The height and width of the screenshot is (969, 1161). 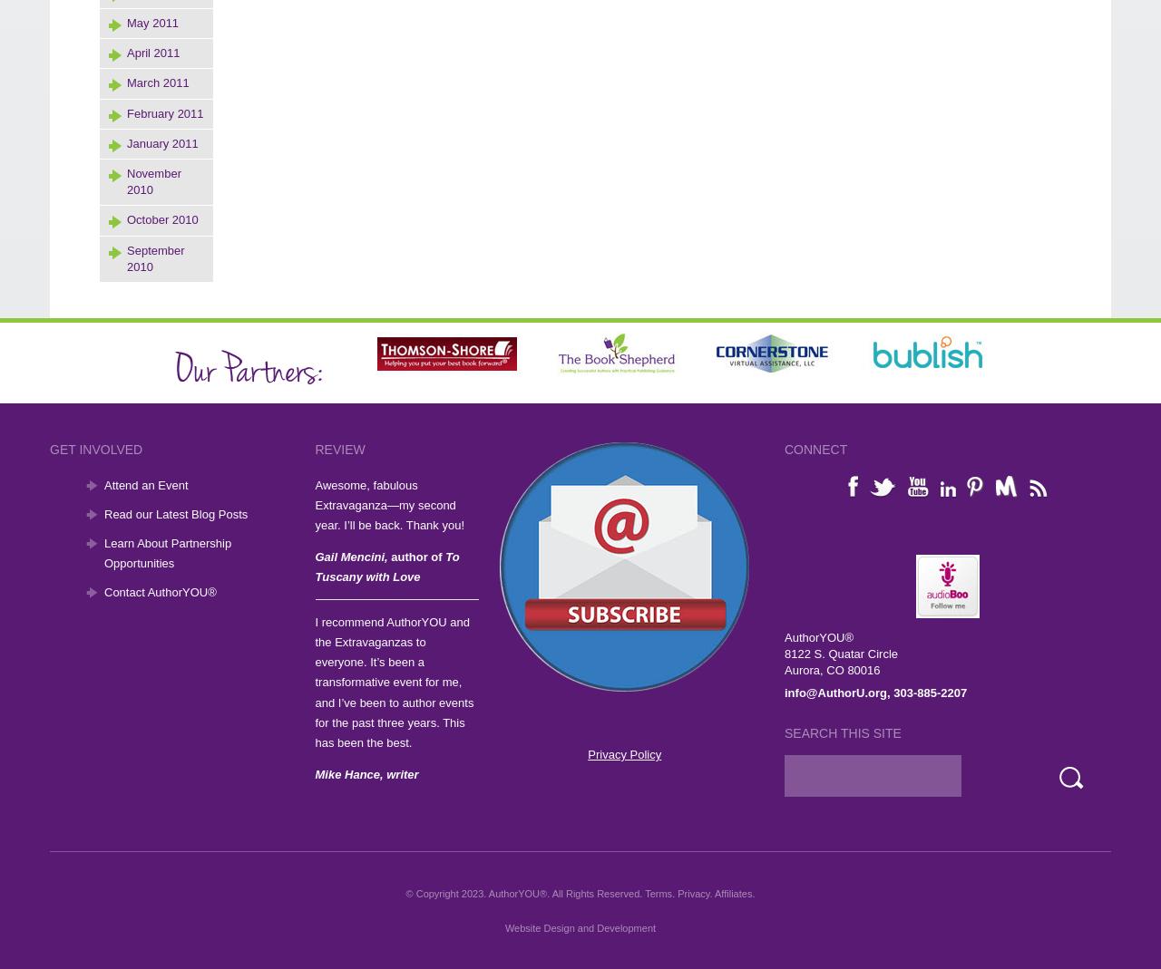 I want to click on 'April 2011', so click(x=152, y=52).